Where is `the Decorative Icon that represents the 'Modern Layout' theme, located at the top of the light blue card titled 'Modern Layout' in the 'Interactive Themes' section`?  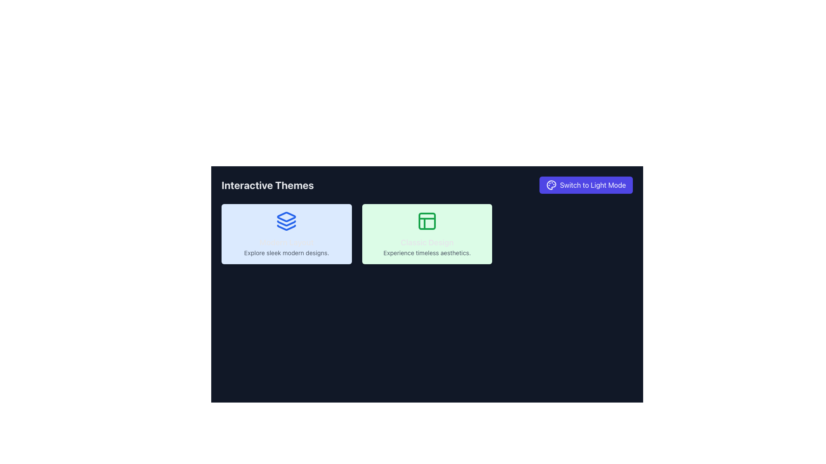 the Decorative Icon that represents the 'Modern Layout' theme, located at the top of the light blue card titled 'Modern Layout' in the 'Interactive Themes' section is located at coordinates (287, 221).